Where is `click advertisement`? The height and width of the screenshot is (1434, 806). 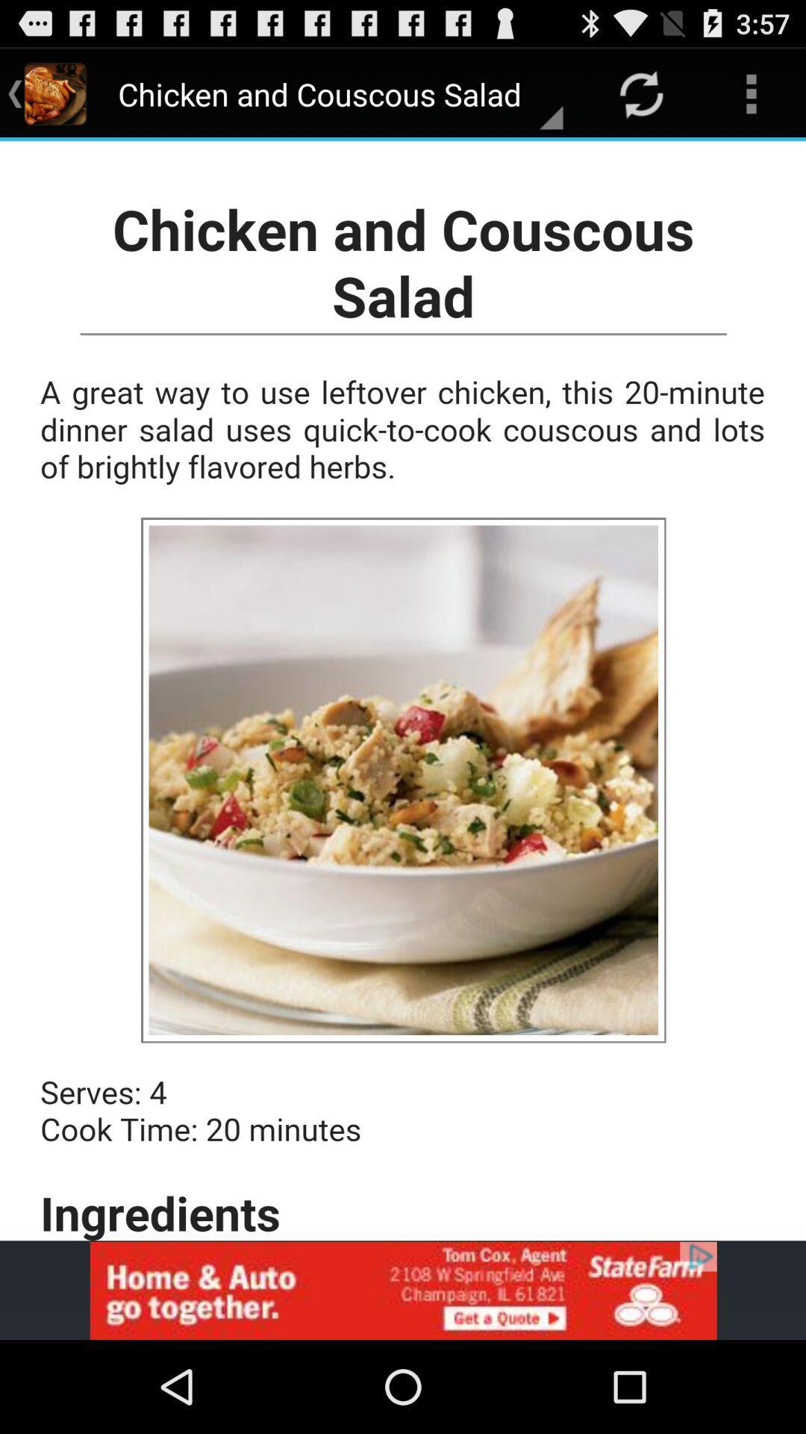
click advertisement is located at coordinates (403, 1290).